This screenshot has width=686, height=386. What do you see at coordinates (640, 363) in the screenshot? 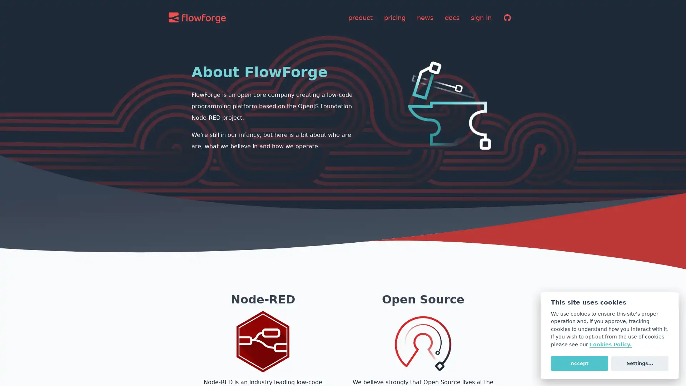
I see `Settings...` at bounding box center [640, 363].